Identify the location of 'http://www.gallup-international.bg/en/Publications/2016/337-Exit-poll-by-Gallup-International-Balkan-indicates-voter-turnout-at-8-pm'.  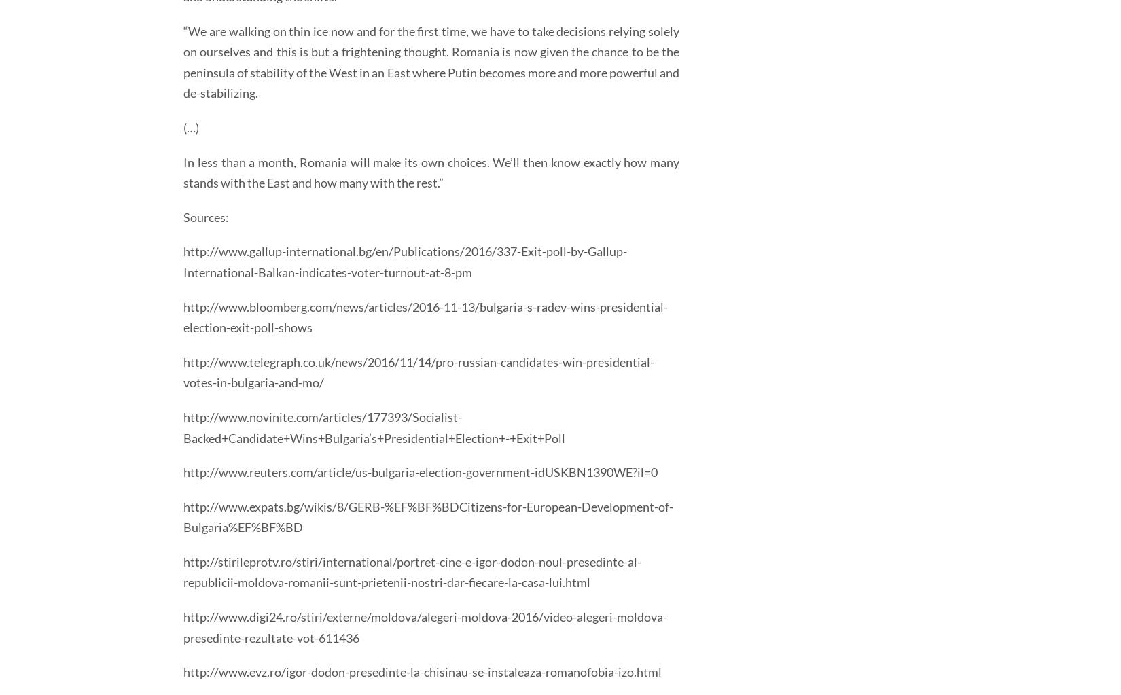
(404, 260).